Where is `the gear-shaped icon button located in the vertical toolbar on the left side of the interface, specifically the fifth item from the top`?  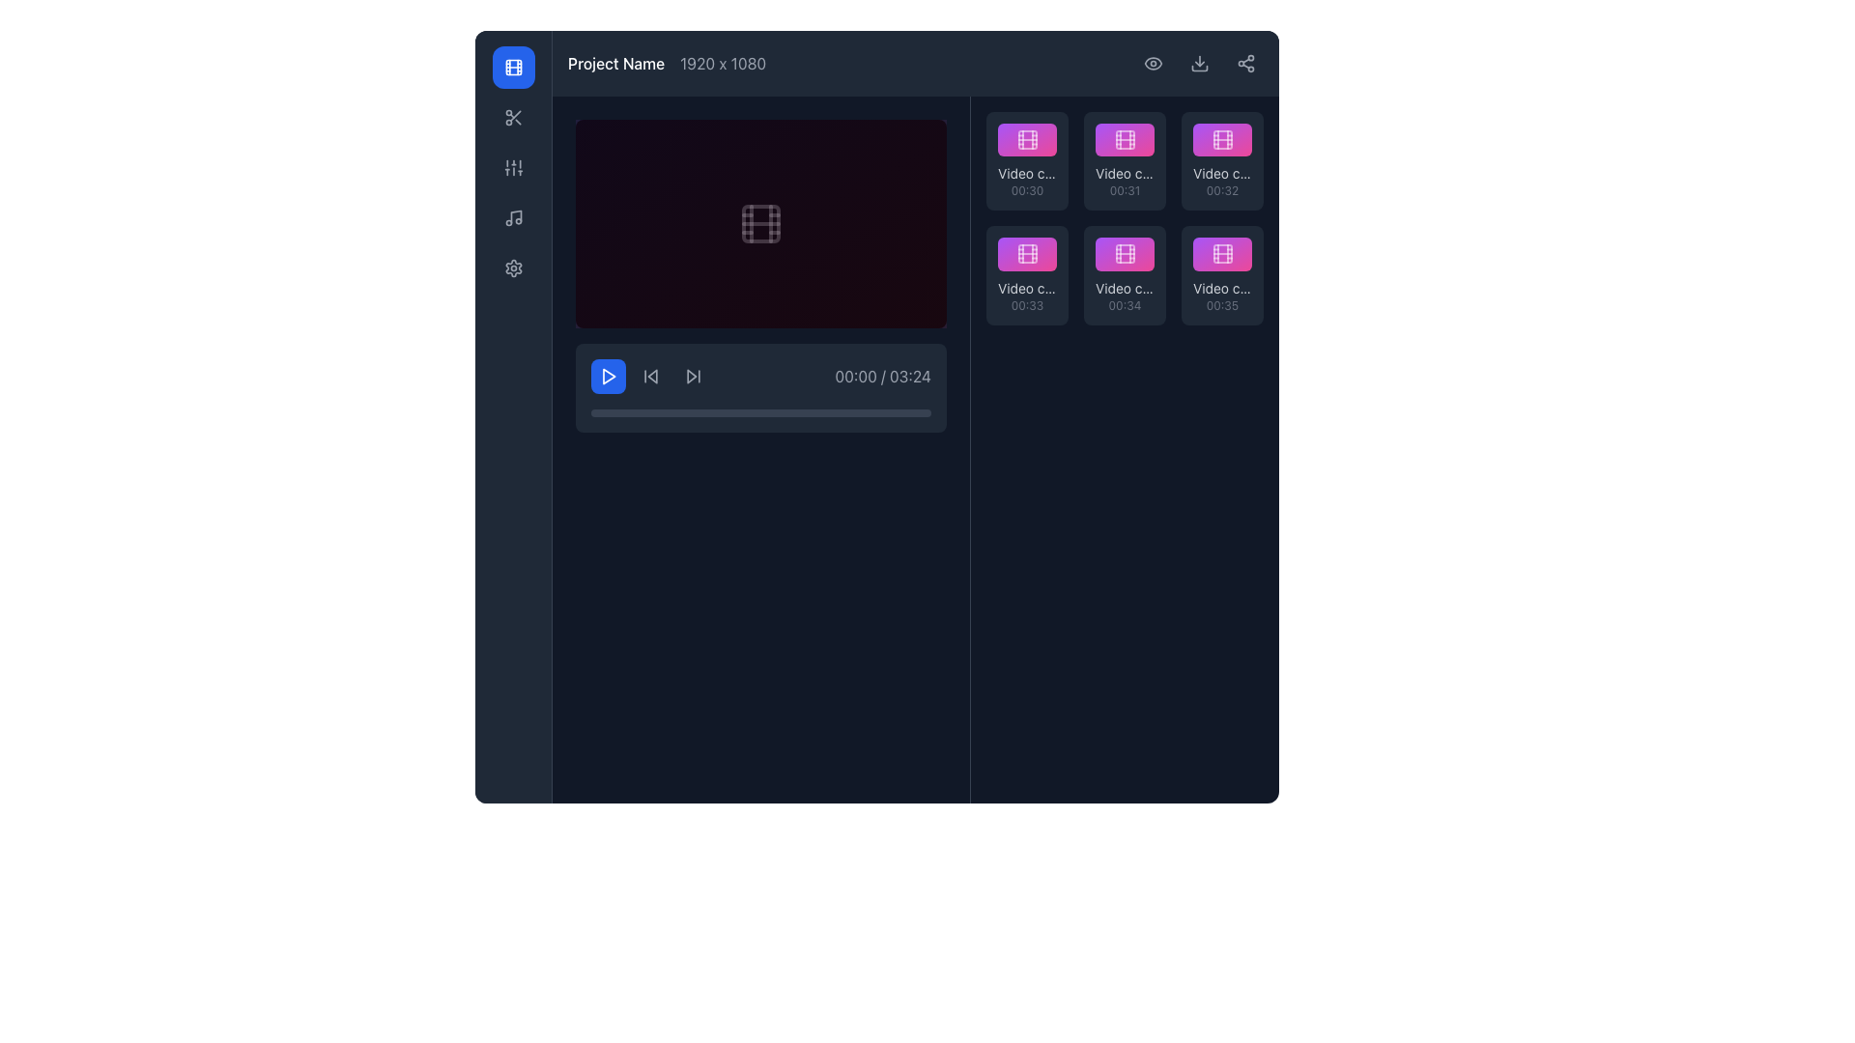 the gear-shaped icon button located in the vertical toolbar on the left side of the interface, specifically the fifth item from the top is located at coordinates (513, 268).